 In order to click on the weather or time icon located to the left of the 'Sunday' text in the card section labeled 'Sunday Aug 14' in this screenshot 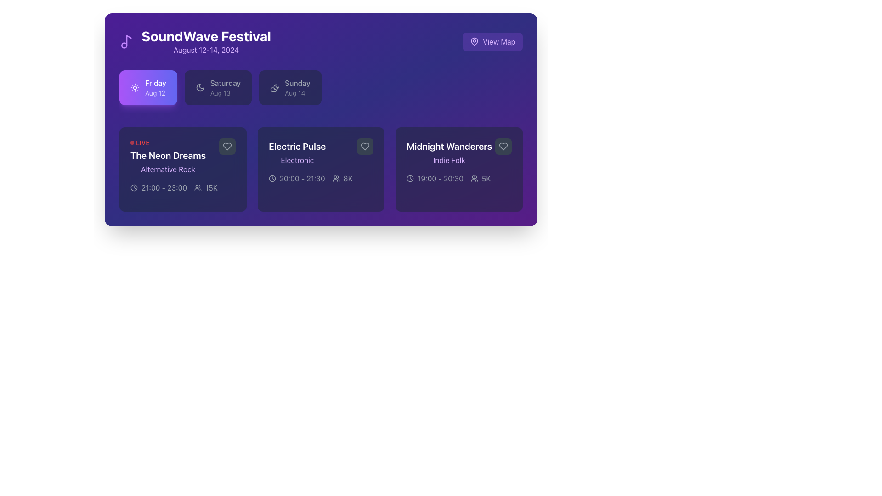, I will do `click(274, 88)`.